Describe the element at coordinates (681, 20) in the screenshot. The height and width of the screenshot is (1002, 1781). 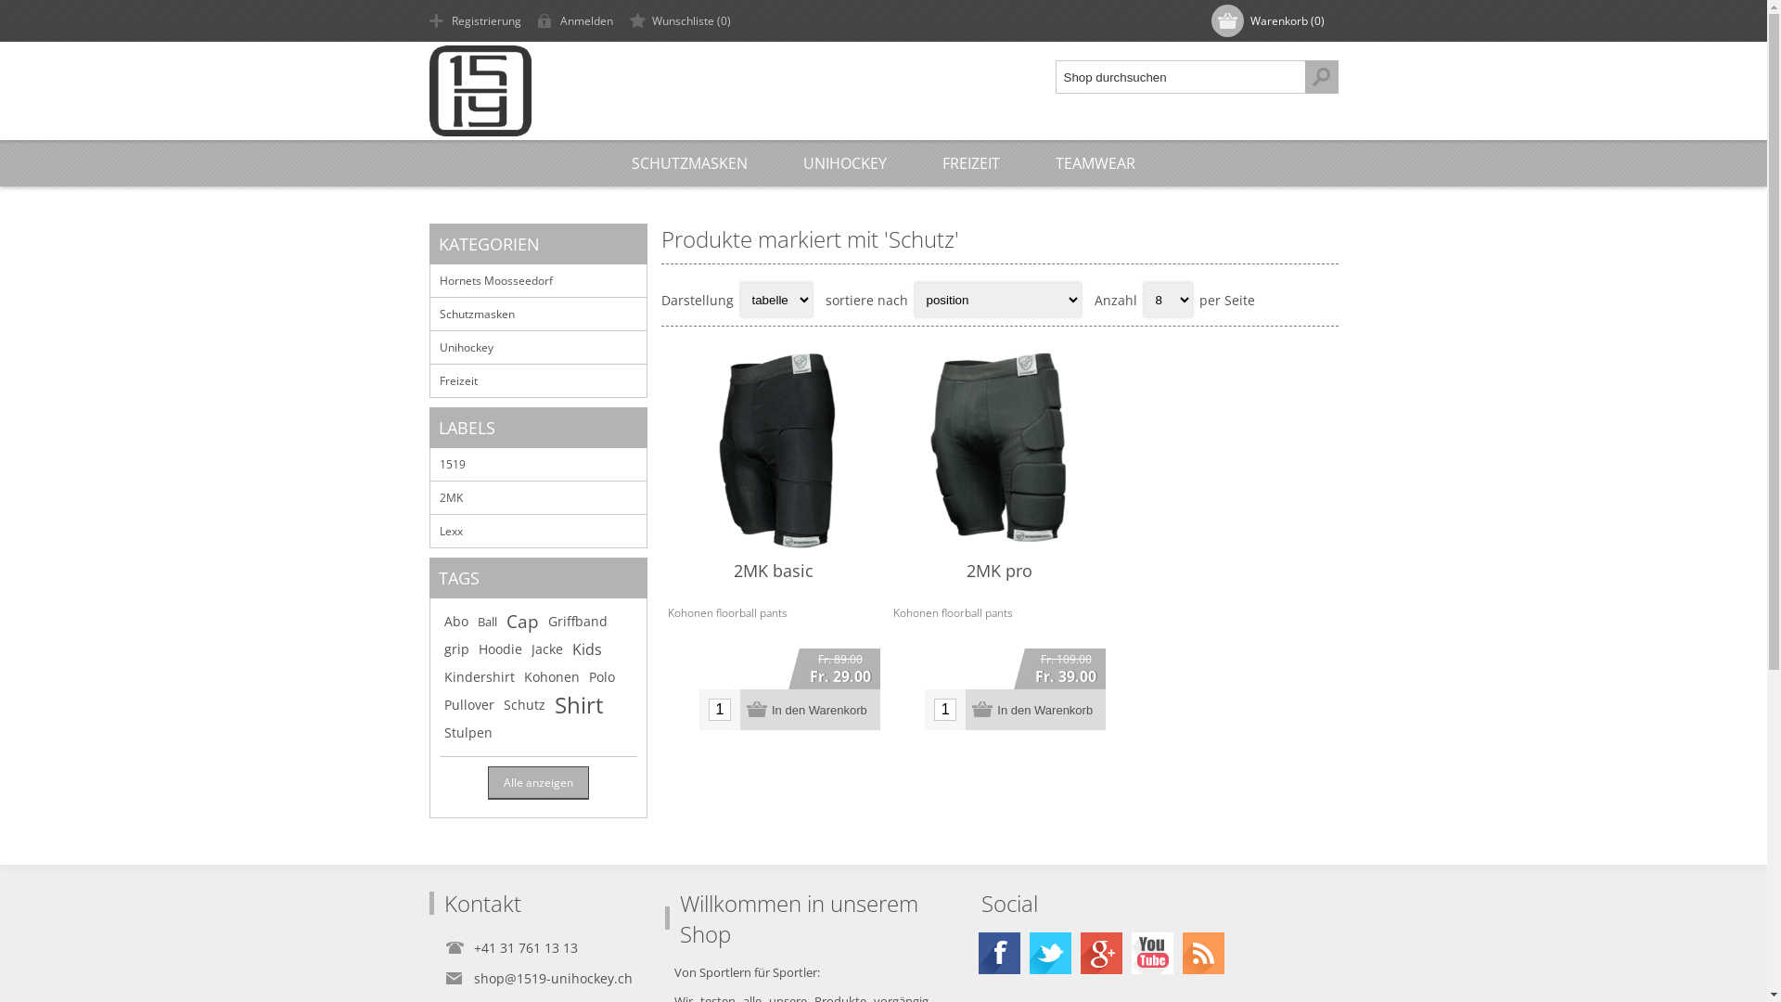
I see `'Wunschliste (0)'` at that location.